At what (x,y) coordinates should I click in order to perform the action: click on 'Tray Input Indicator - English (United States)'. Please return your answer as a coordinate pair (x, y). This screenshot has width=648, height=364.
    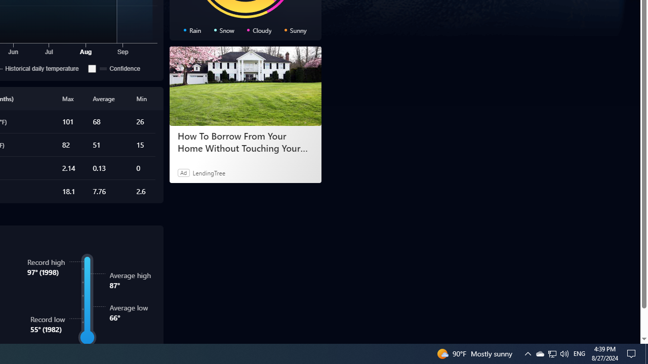
    Looking at the image, I should click on (579, 353).